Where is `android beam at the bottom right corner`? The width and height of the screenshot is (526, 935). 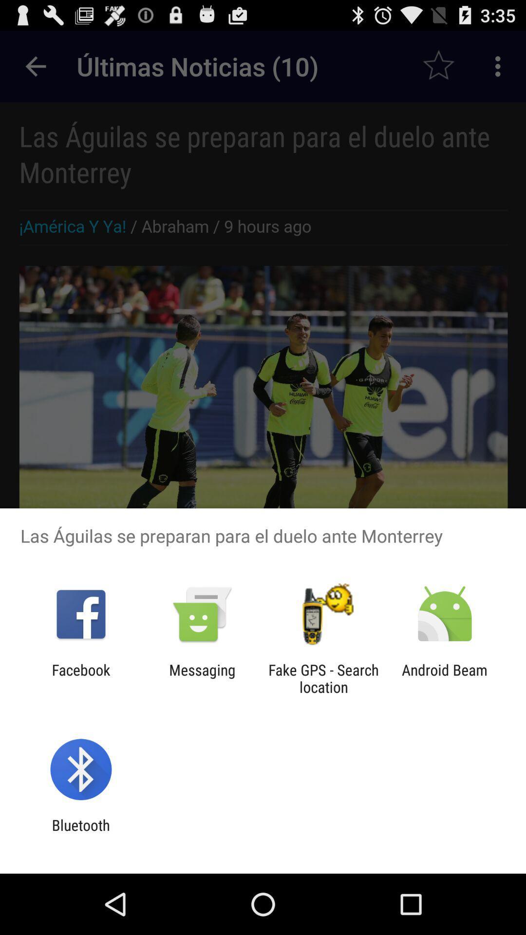
android beam at the bottom right corner is located at coordinates (445, 678).